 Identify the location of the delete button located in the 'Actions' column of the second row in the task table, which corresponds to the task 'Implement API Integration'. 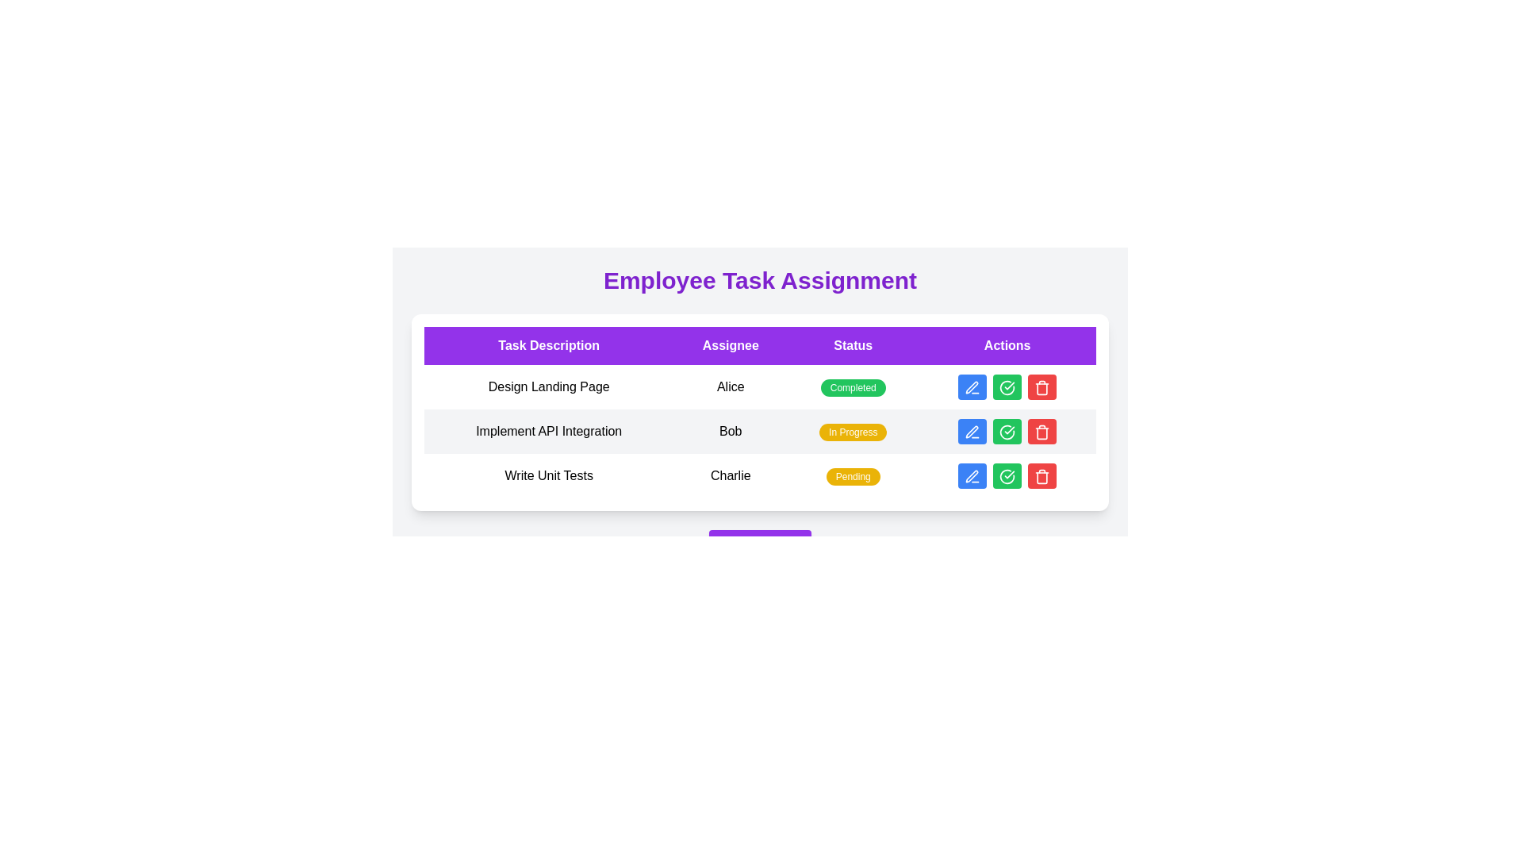
(1042, 431).